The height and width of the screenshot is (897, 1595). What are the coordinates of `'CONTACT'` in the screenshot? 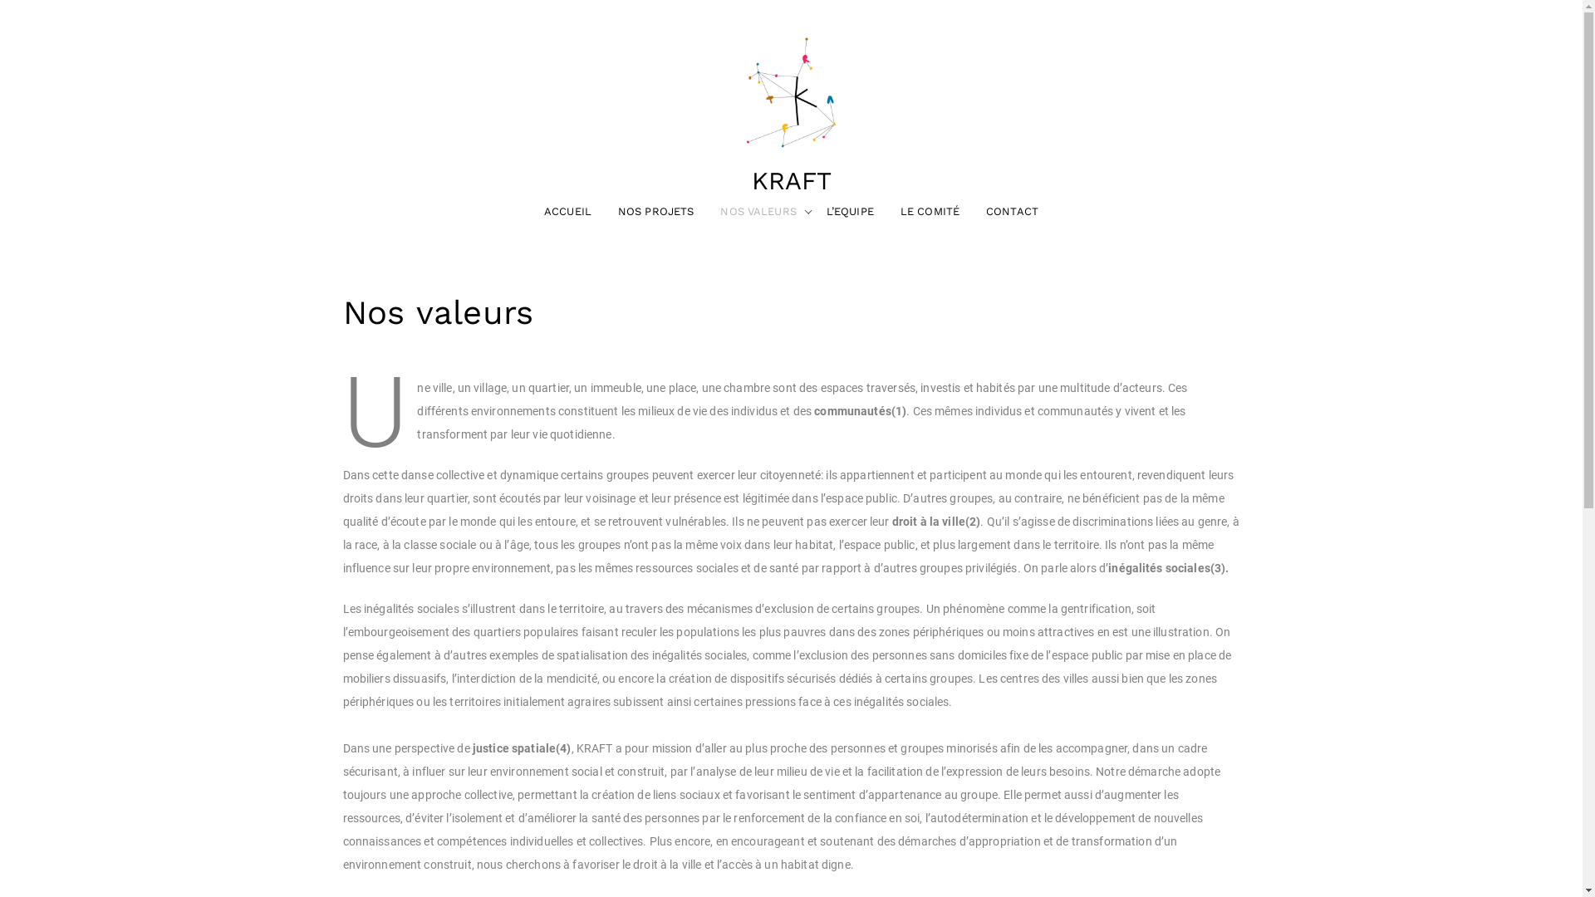 It's located at (1011, 210).